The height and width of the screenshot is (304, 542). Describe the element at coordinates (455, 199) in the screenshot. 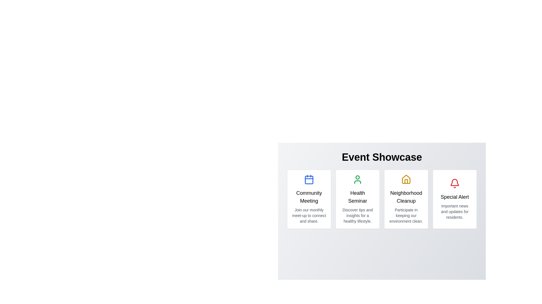

I see `the 'Special Alert' Card located in the bottom-right section of the showcase` at that location.